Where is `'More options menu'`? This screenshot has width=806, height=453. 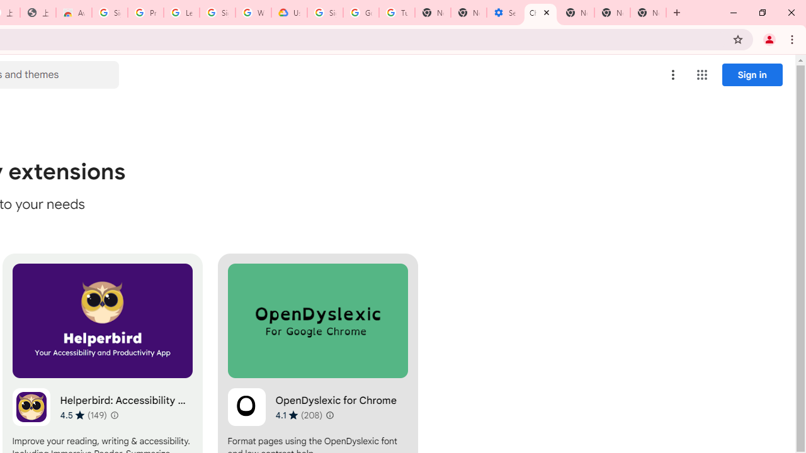
'More options menu' is located at coordinates (673, 75).